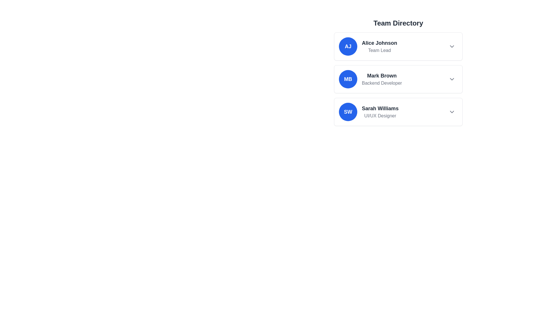 Image resolution: width=551 pixels, height=310 pixels. Describe the element at coordinates (451, 79) in the screenshot. I see `the chevron icon` at that location.